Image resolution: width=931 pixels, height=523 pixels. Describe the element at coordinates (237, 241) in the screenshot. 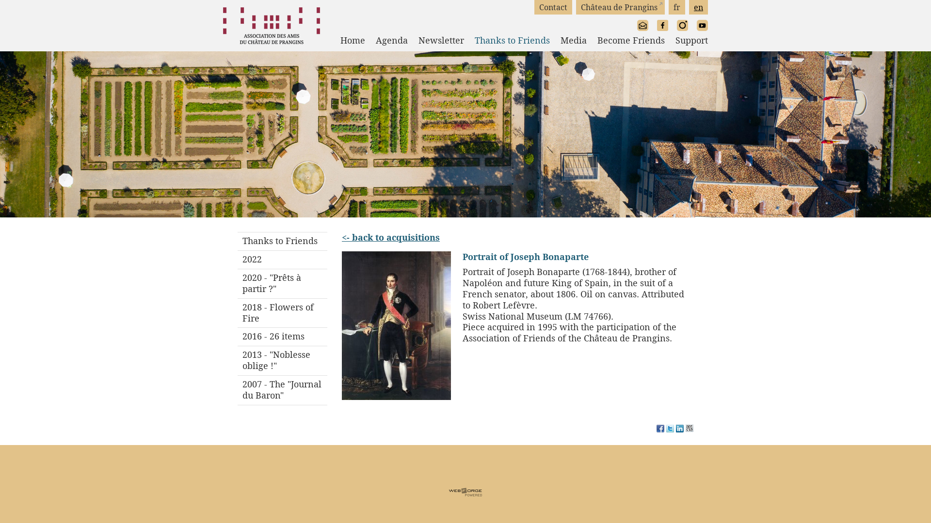

I see `'Thanks to Friends'` at that location.